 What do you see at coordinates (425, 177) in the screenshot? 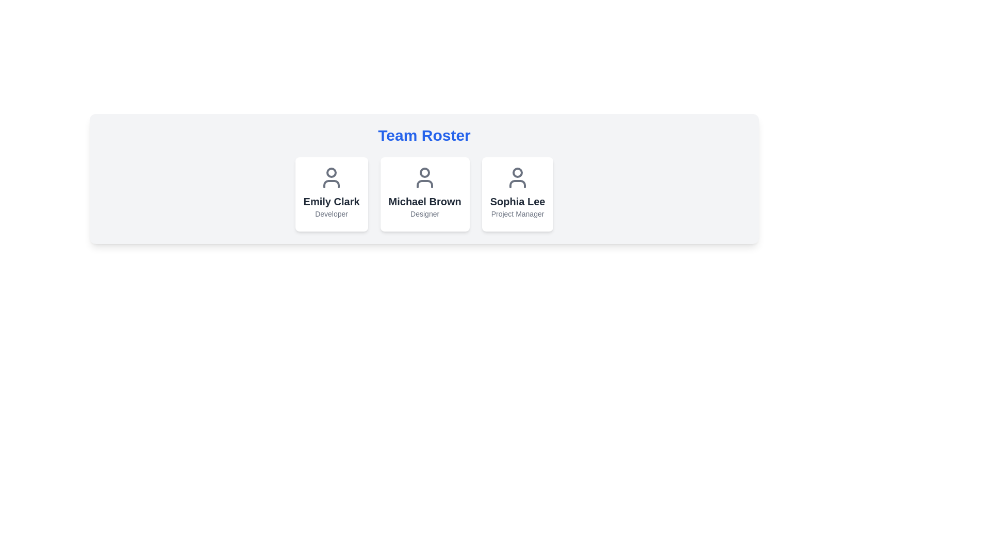
I see `the user icon representing Michael Brown in the Team Roster section, which is a gray outline of a human figure, situated above the name and designation` at bounding box center [425, 177].